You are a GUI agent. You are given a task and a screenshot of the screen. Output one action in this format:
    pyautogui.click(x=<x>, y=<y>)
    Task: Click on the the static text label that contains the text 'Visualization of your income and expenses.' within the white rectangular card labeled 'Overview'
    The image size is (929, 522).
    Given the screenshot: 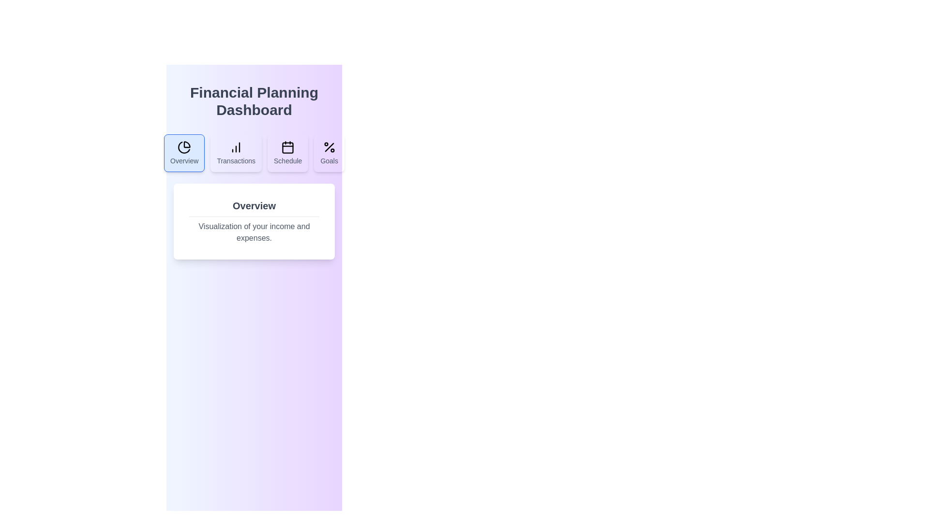 What is the action you would take?
    pyautogui.click(x=254, y=232)
    